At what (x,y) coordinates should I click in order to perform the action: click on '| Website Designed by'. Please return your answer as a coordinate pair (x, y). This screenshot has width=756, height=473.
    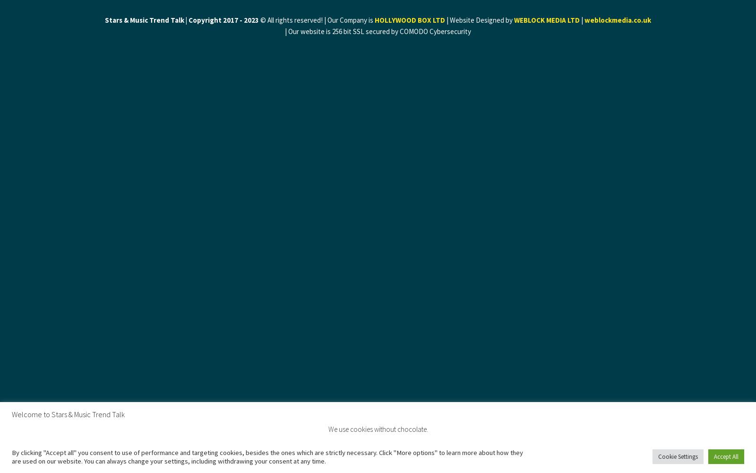
    Looking at the image, I should click on (444, 20).